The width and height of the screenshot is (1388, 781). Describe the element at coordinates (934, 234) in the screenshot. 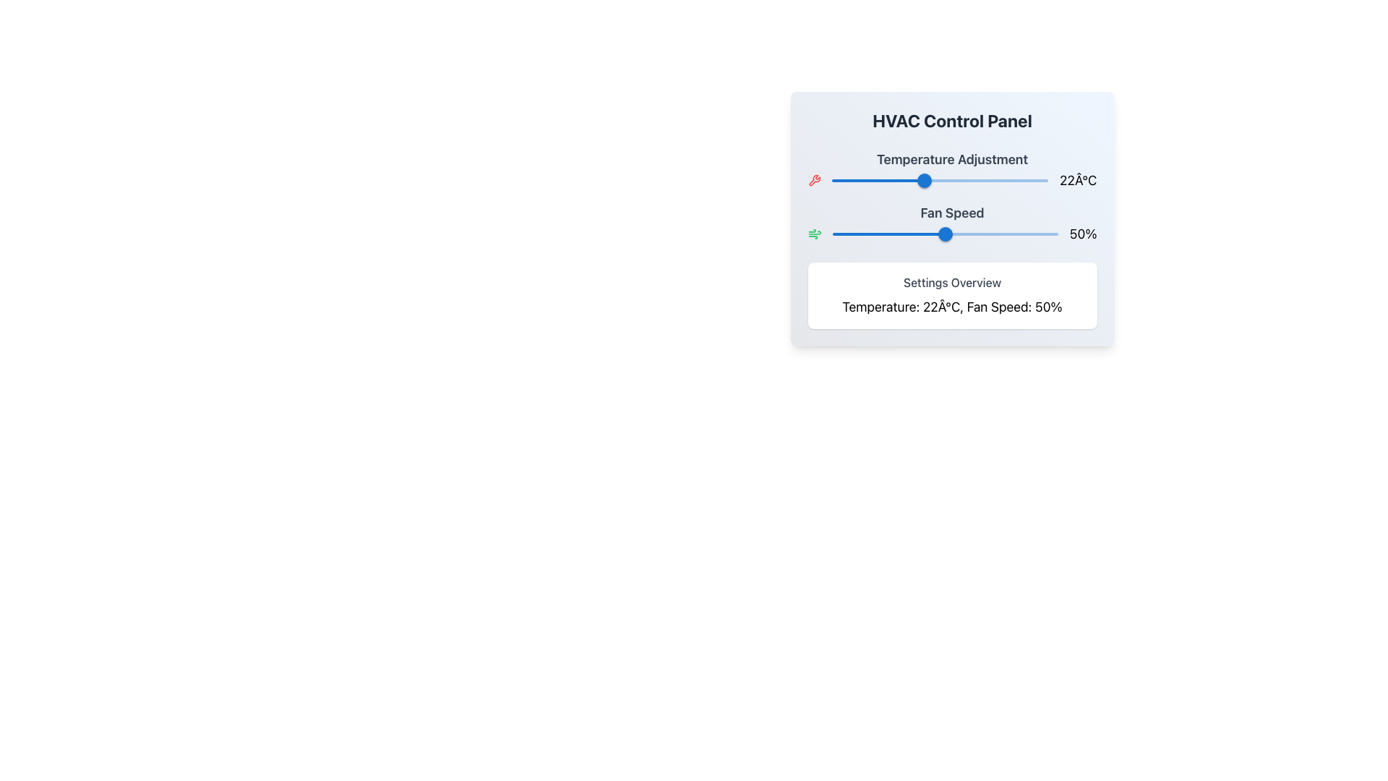

I see `the fan speed` at that location.